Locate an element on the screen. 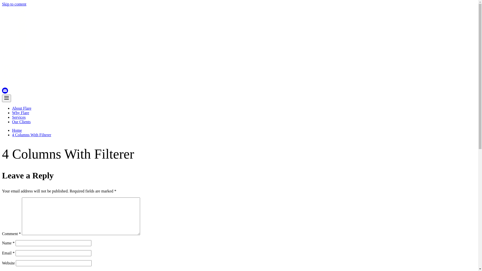  'About Flare' is located at coordinates (12, 108).